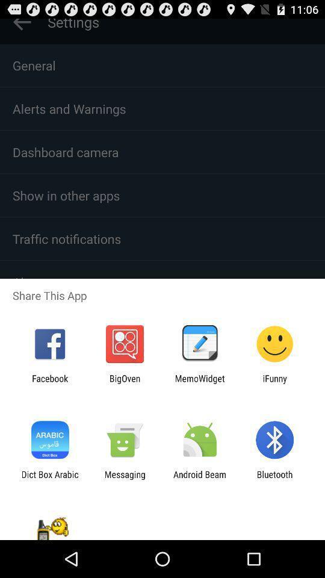 This screenshot has width=325, height=578. What do you see at coordinates (274, 383) in the screenshot?
I see `item to the right of the memowidget app` at bounding box center [274, 383].